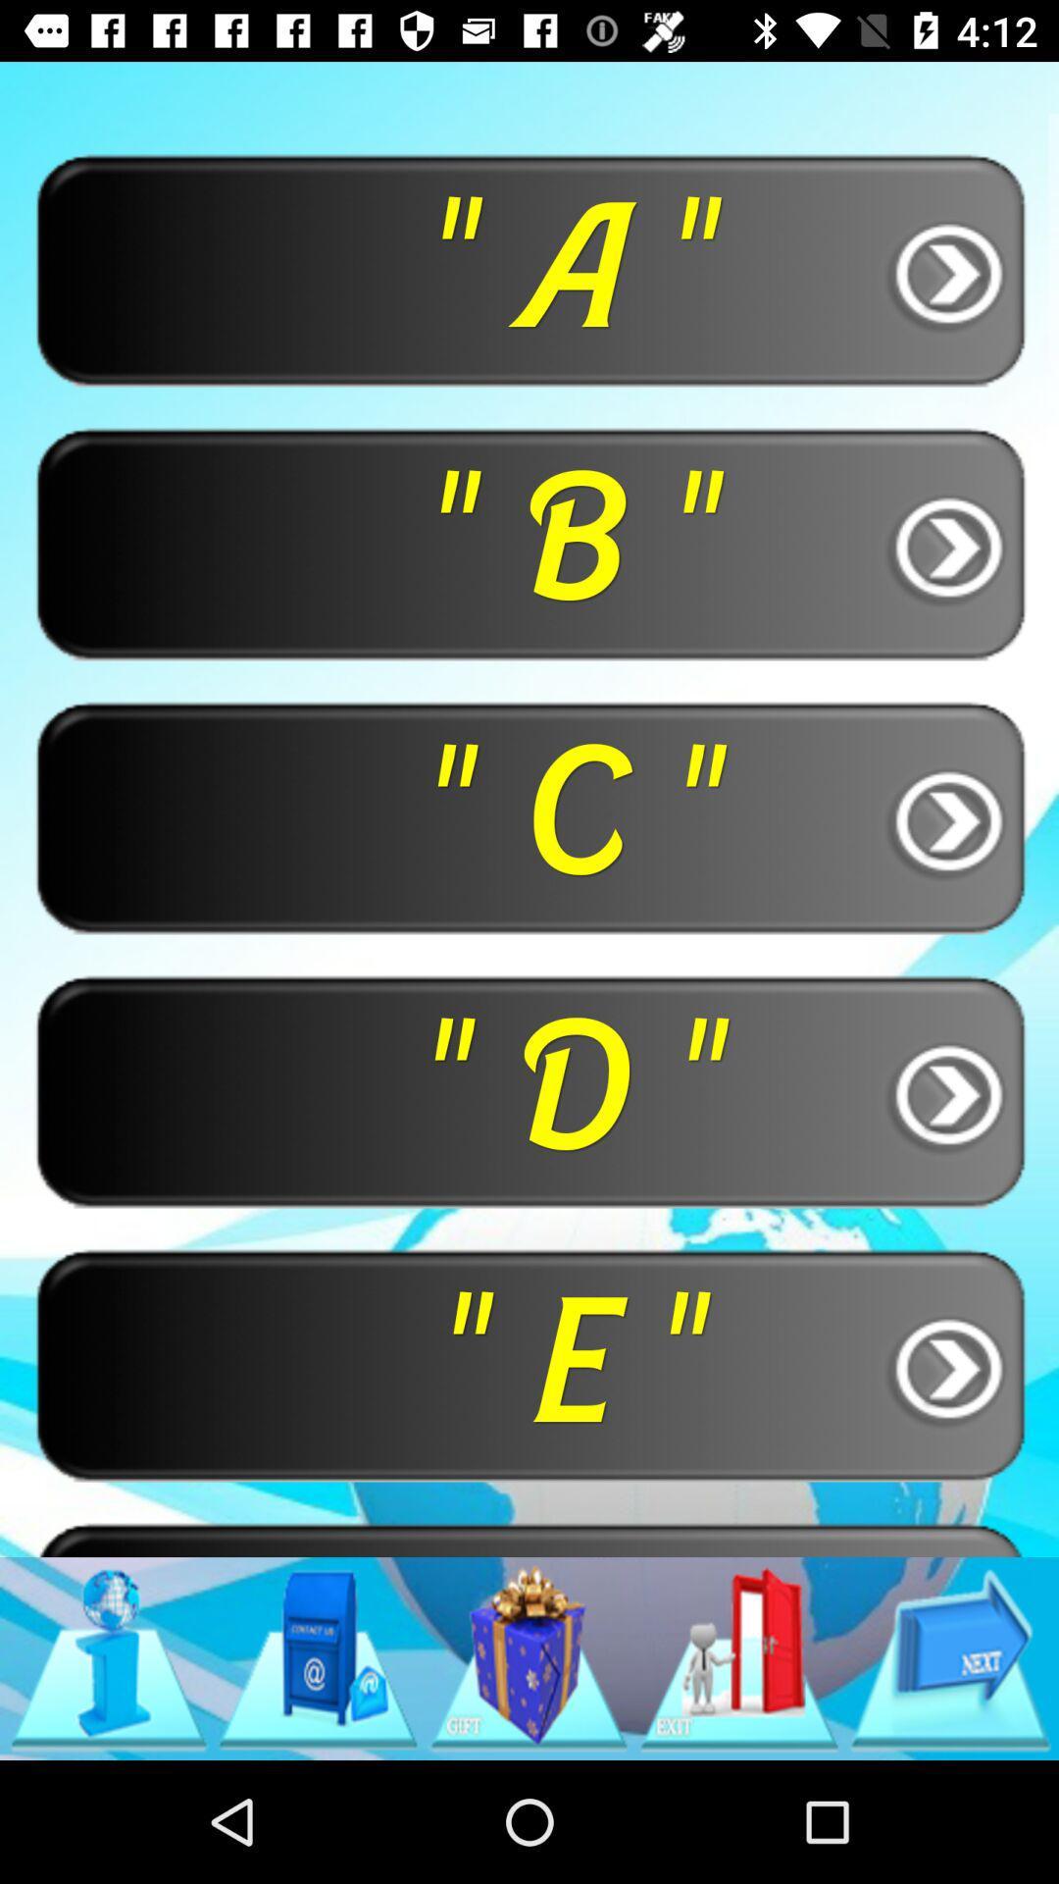 The image size is (1059, 1884). Describe the element at coordinates (949, 1657) in the screenshot. I see `move forward` at that location.